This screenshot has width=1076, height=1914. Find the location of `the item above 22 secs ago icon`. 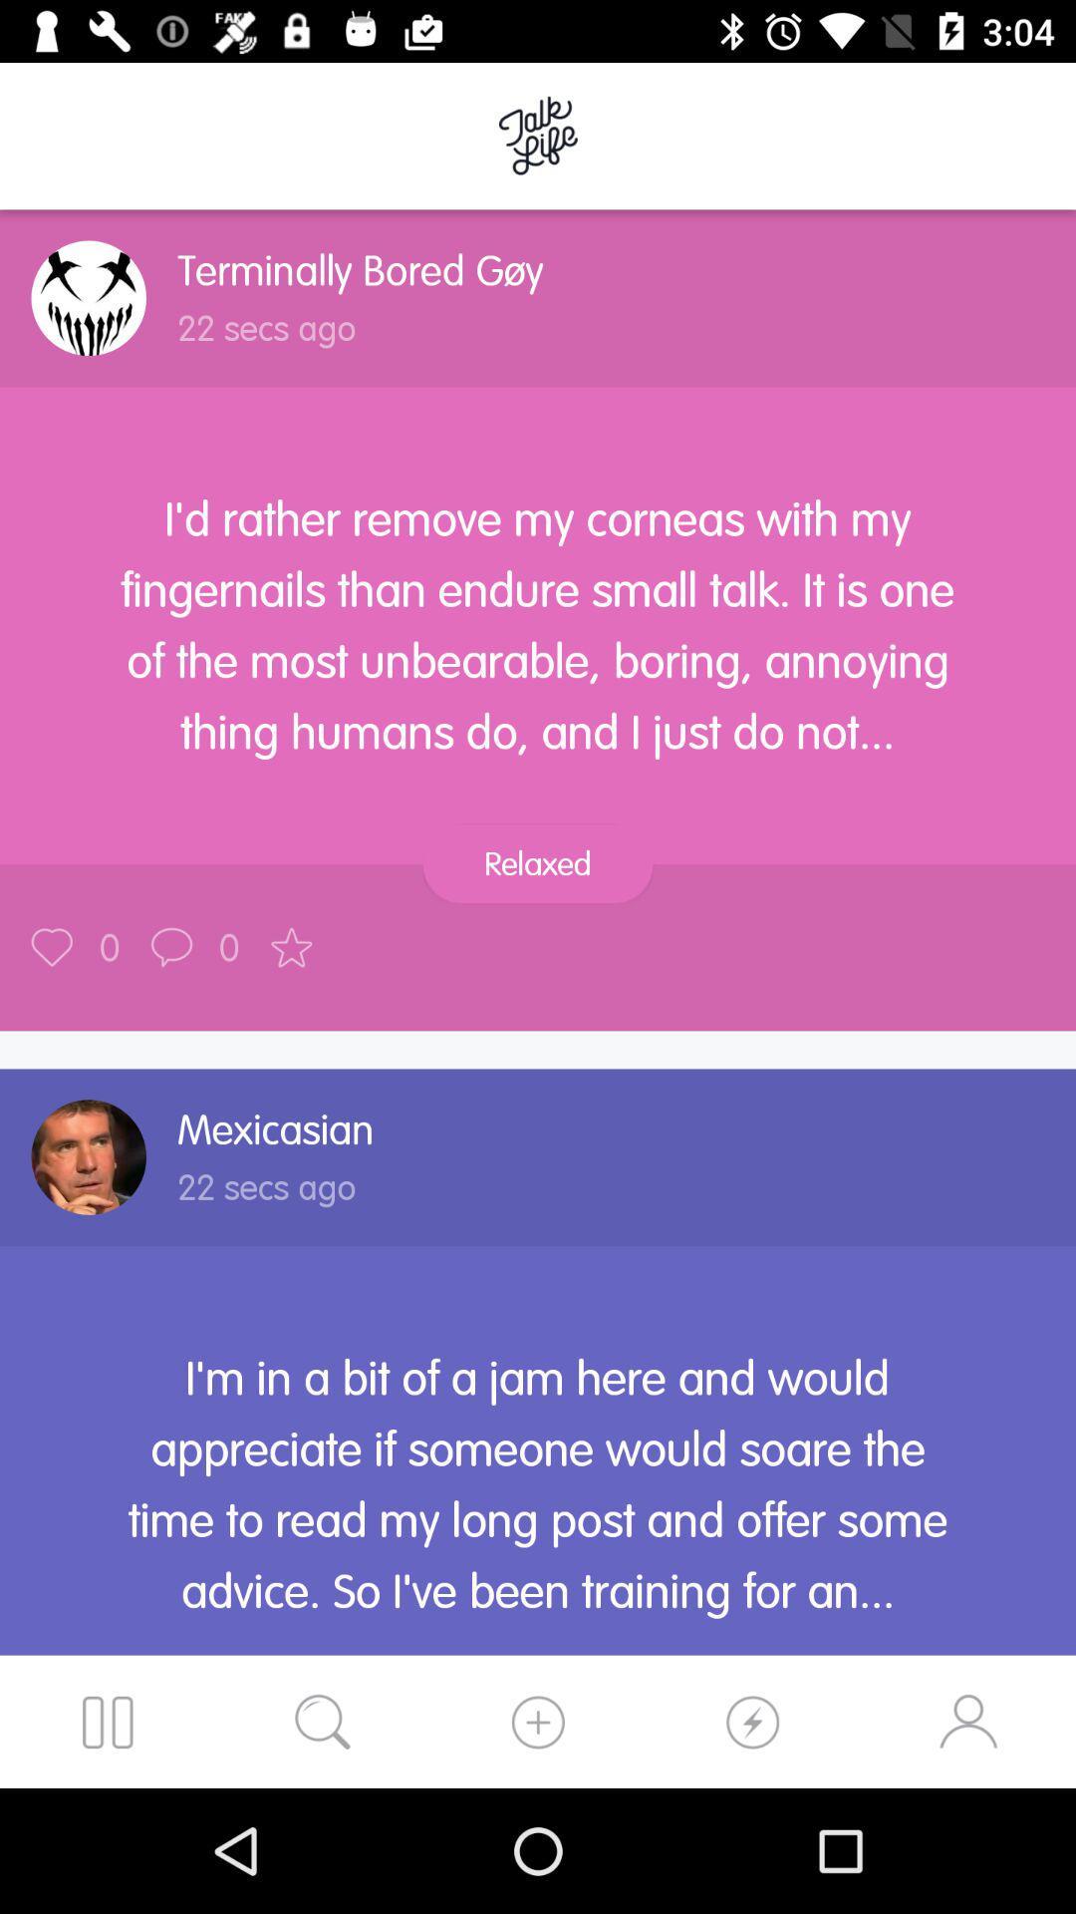

the item above 22 secs ago icon is located at coordinates (361, 269).